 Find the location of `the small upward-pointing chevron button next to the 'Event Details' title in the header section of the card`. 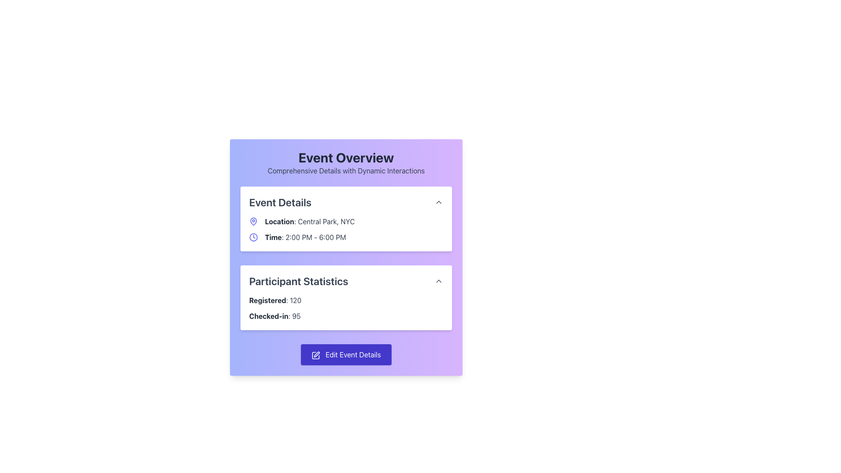

the small upward-pointing chevron button next to the 'Event Details' title in the header section of the card is located at coordinates (439, 202).